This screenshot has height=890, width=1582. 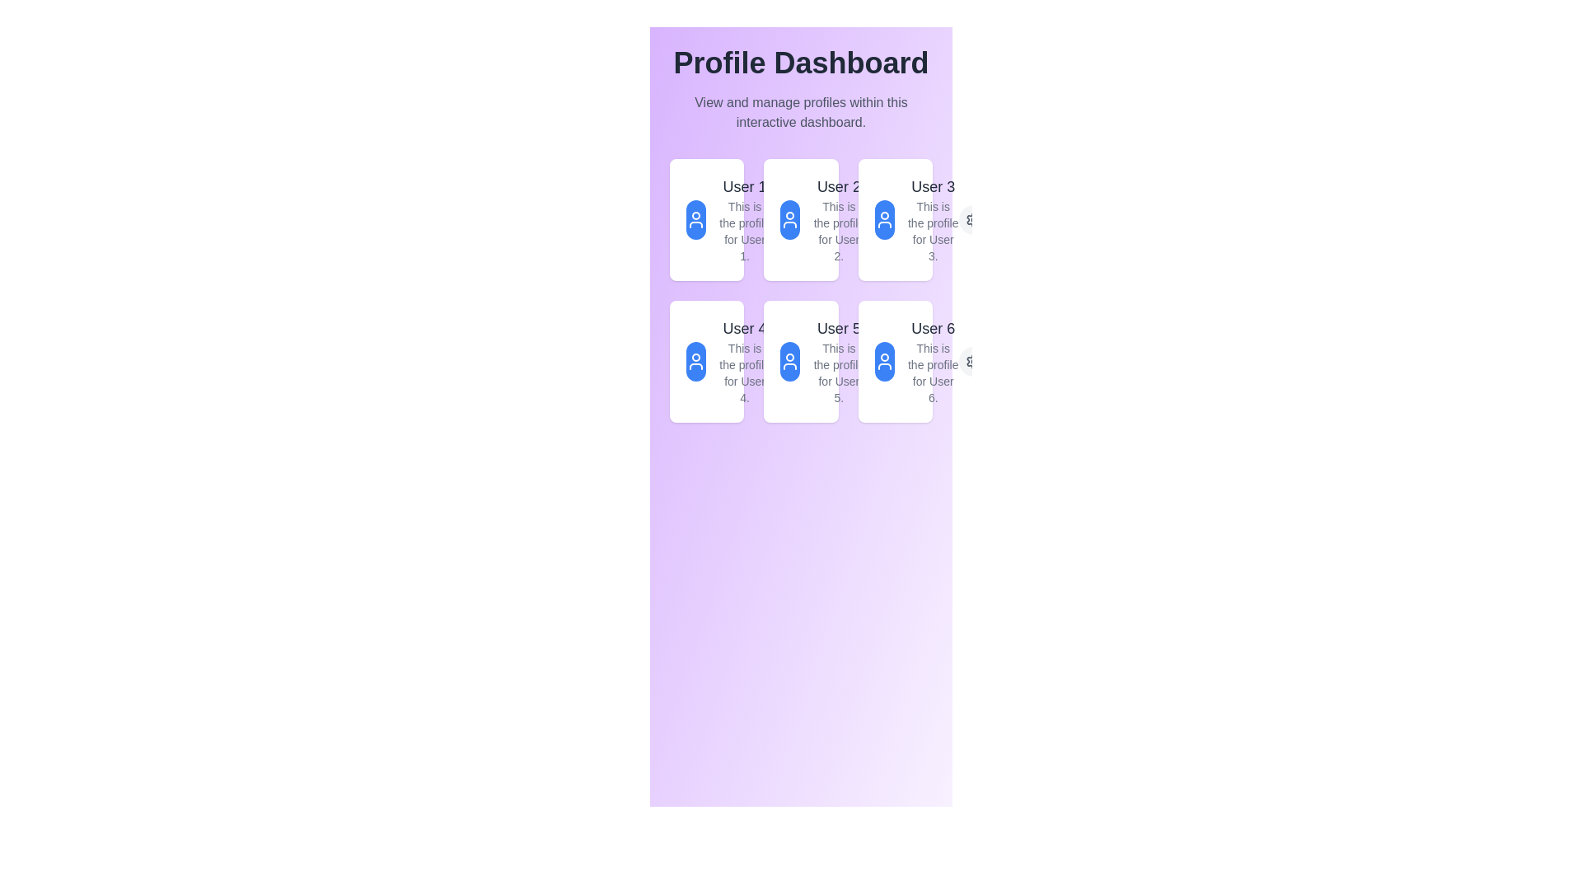 I want to click on the circular blue button with a white user icon representing User 2's avatar, located in the second card of the top row, for drag-and-drop functionality, so click(x=789, y=218).